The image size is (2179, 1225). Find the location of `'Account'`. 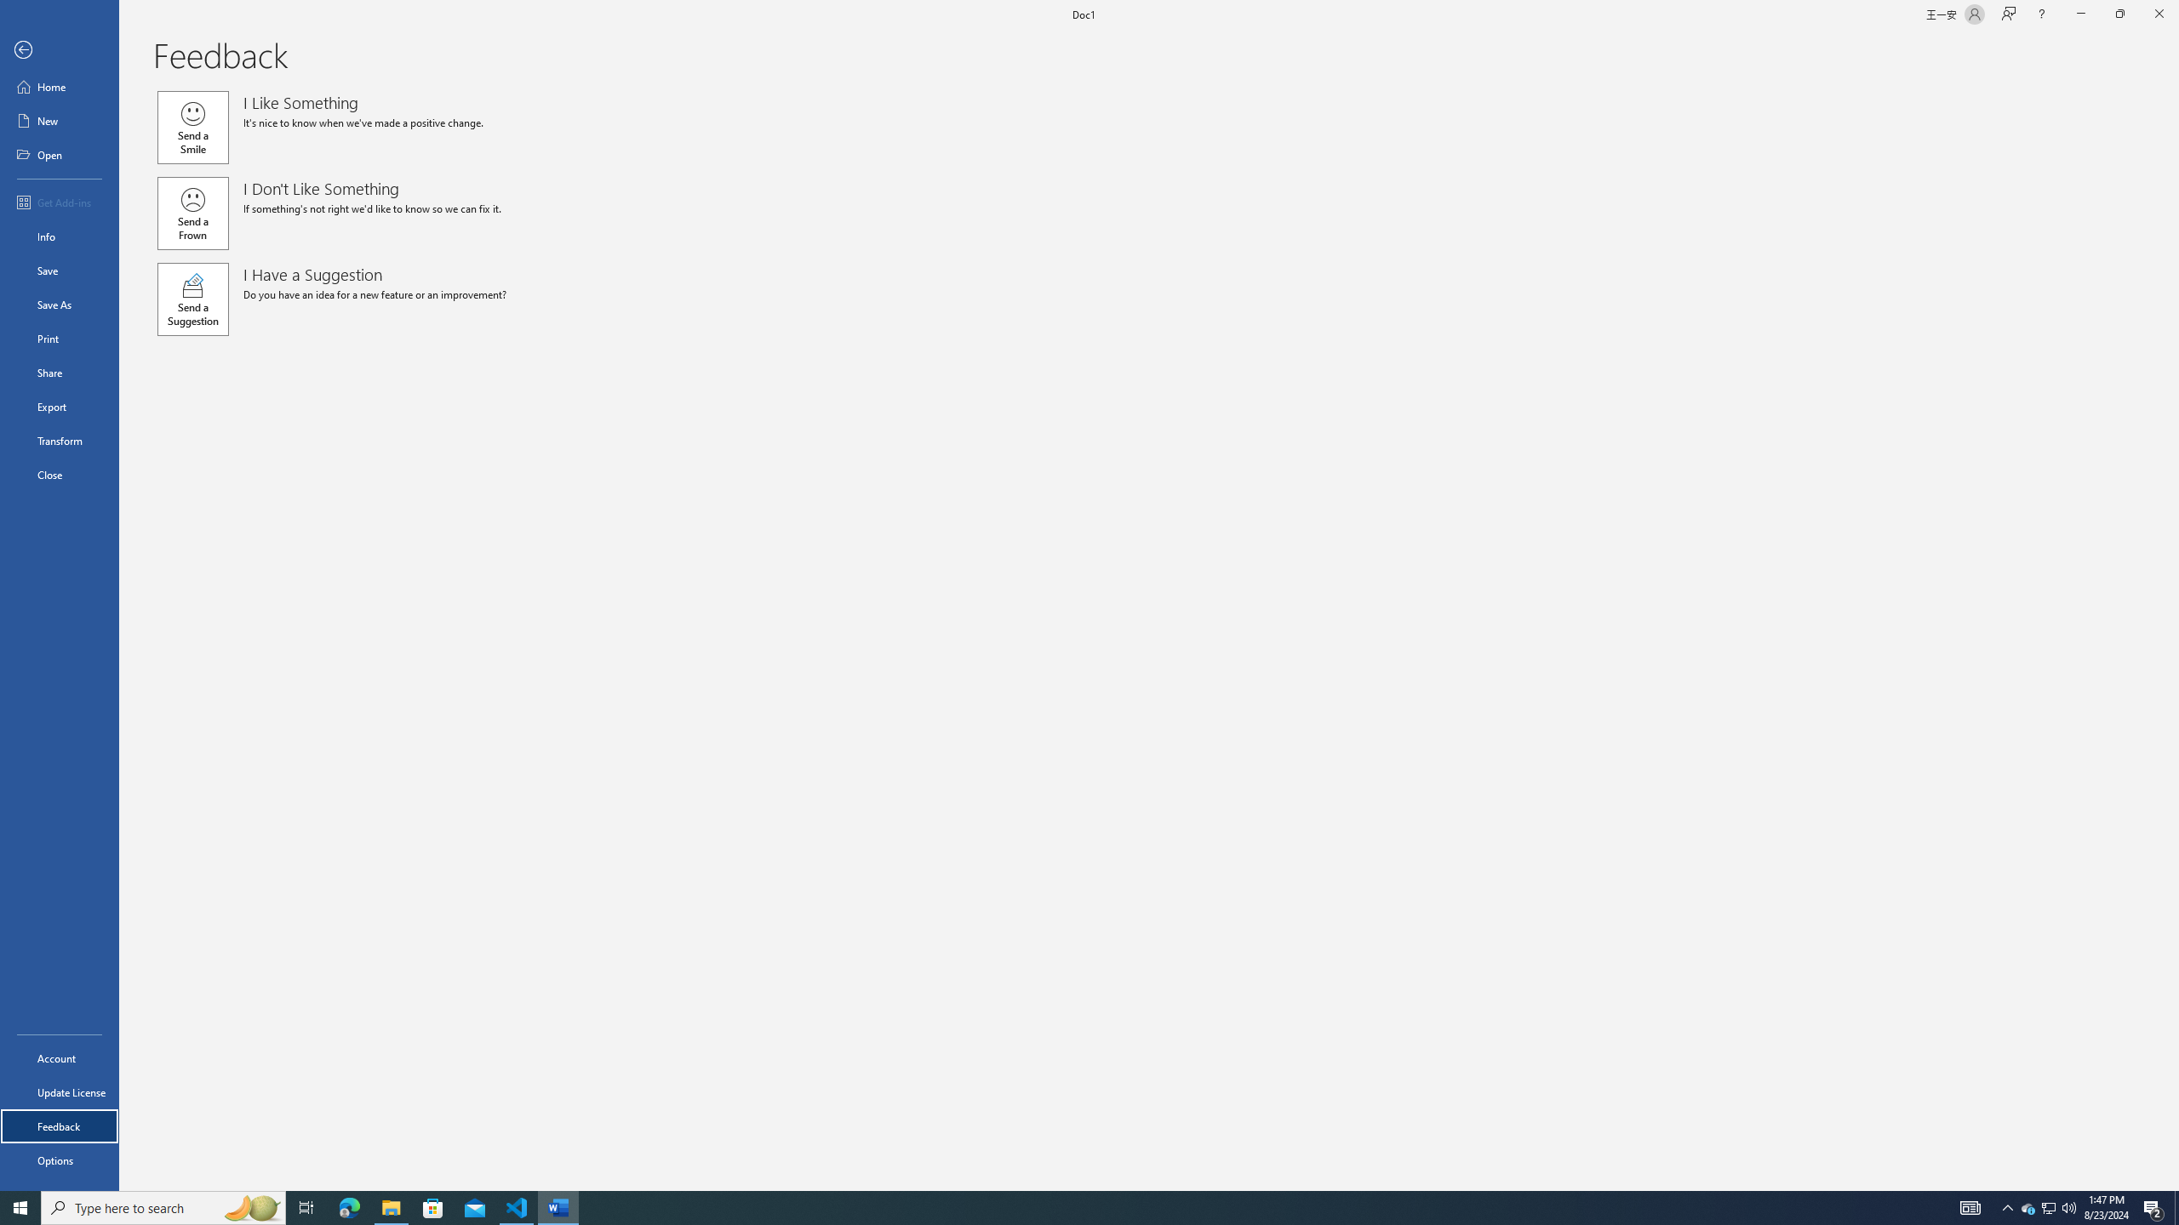

'Account' is located at coordinates (59, 1058).